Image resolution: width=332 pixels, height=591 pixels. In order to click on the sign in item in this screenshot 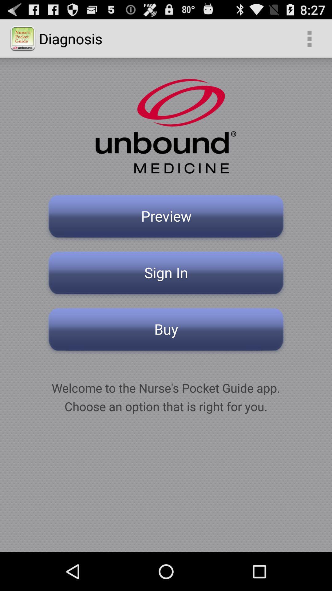, I will do `click(166, 274)`.